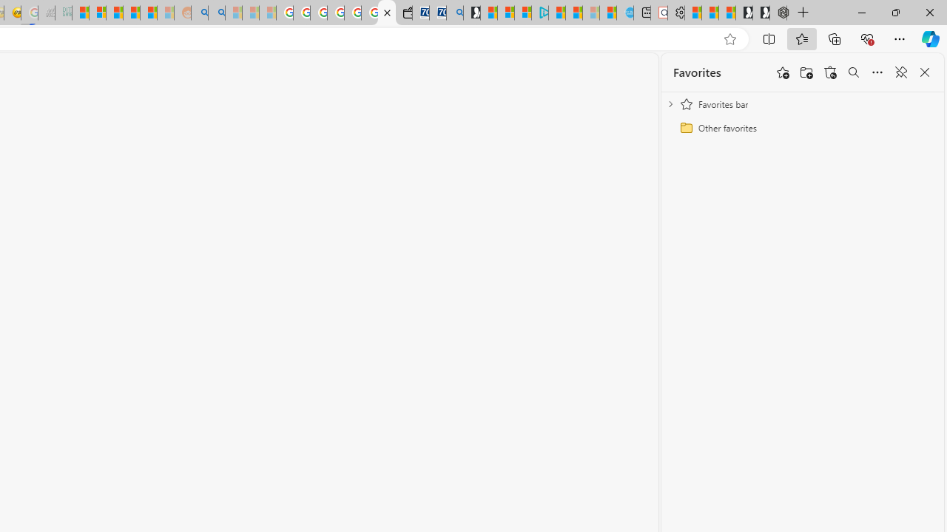  What do you see at coordinates (625, 13) in the screenshot?
I see `'Home | Sky Blue Bikes - Sky Blue Bikes'` at bounding box center [625, 13].